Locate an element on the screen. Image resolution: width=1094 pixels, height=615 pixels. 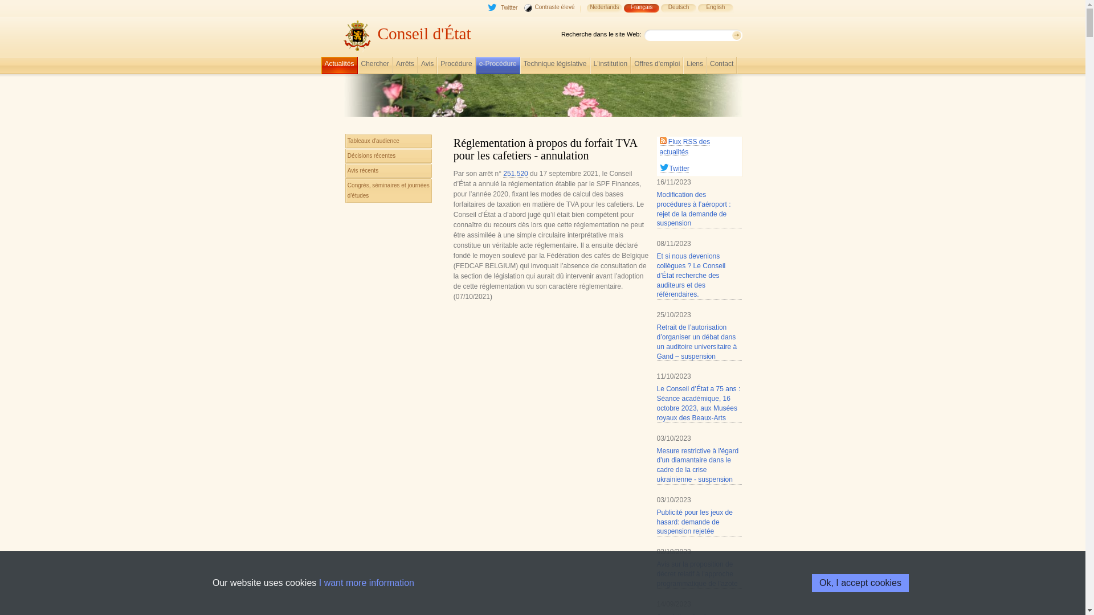
'Offres d'emploi' is located at coordinates (656, 67).